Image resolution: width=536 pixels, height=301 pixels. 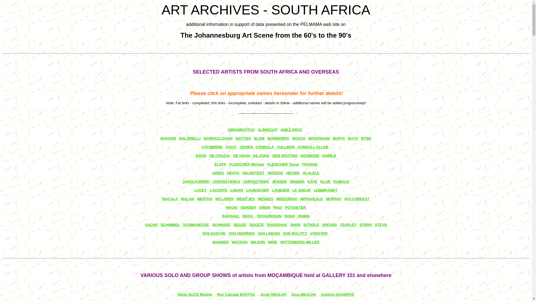 I want to click on 'STAPLEY', so click(x=348, y=224).